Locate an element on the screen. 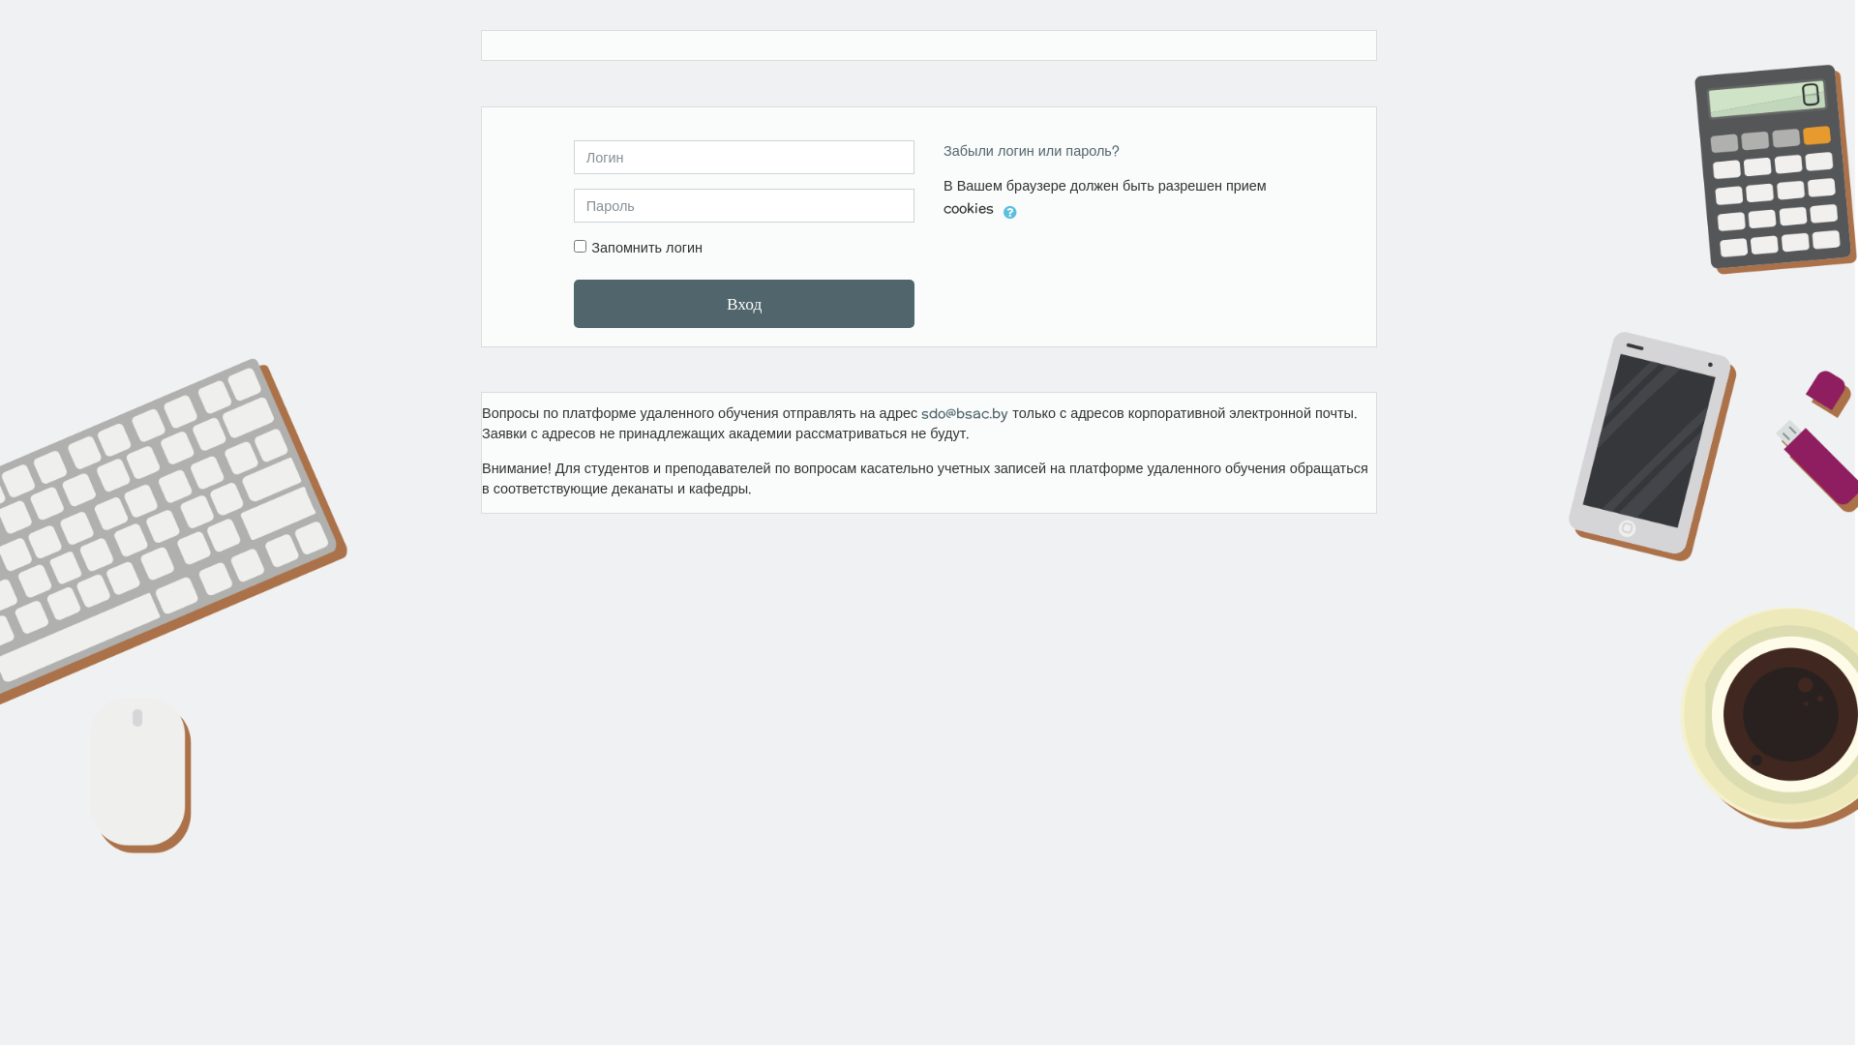  'sdo@bsac.by' is located at coordinates (965, 411).